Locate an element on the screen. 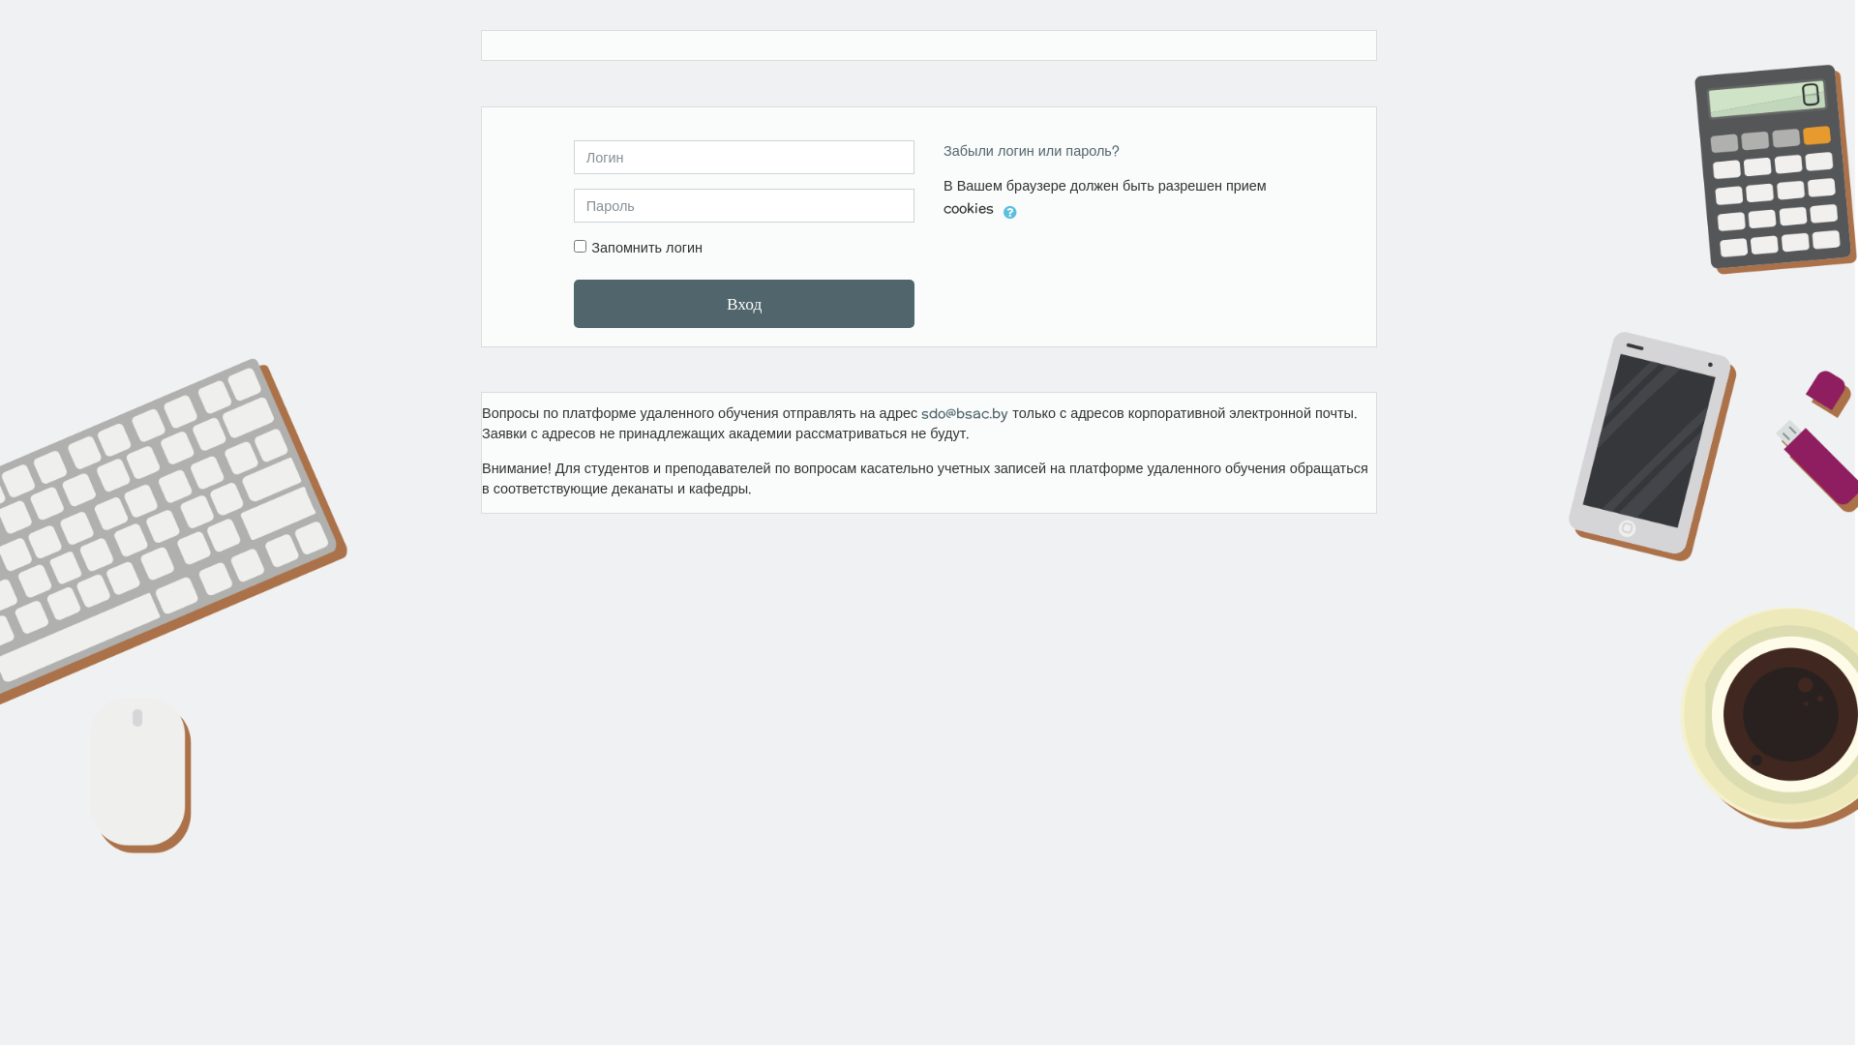  'sdo@bsac.by' is located at coordinates (965, 411).